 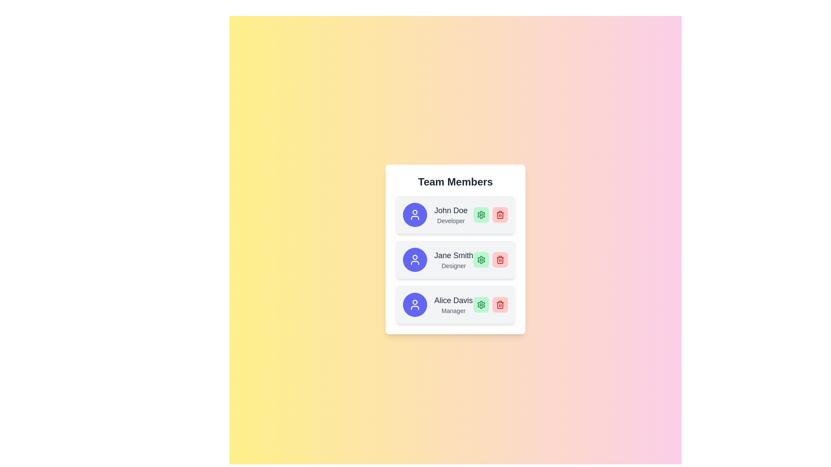 What do you see at coordinates (415, 257) in the screenshot?
I see `the Circle element within the SVG graphic that represents a user profile, located in the top-left corner of the user card` at bounding box center [415, 257].